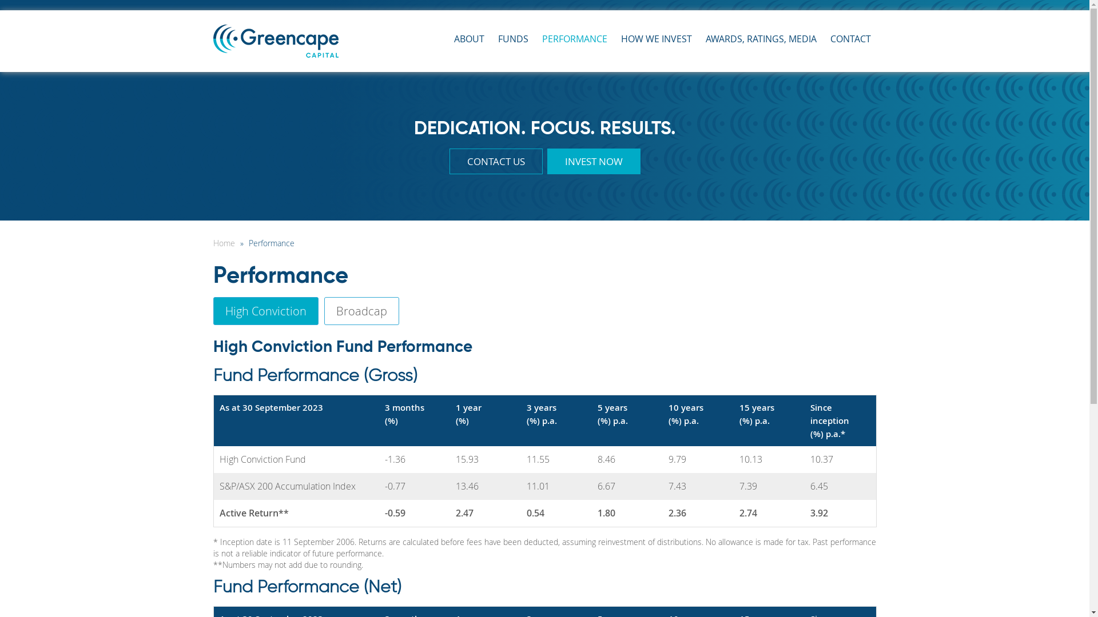 The height and width of the screenshot is (617, 1098). What do you see at coordinates (656, 38) in the screenshot?
I see `'HOW WE INVEST'` at bounding box center [656, 38].